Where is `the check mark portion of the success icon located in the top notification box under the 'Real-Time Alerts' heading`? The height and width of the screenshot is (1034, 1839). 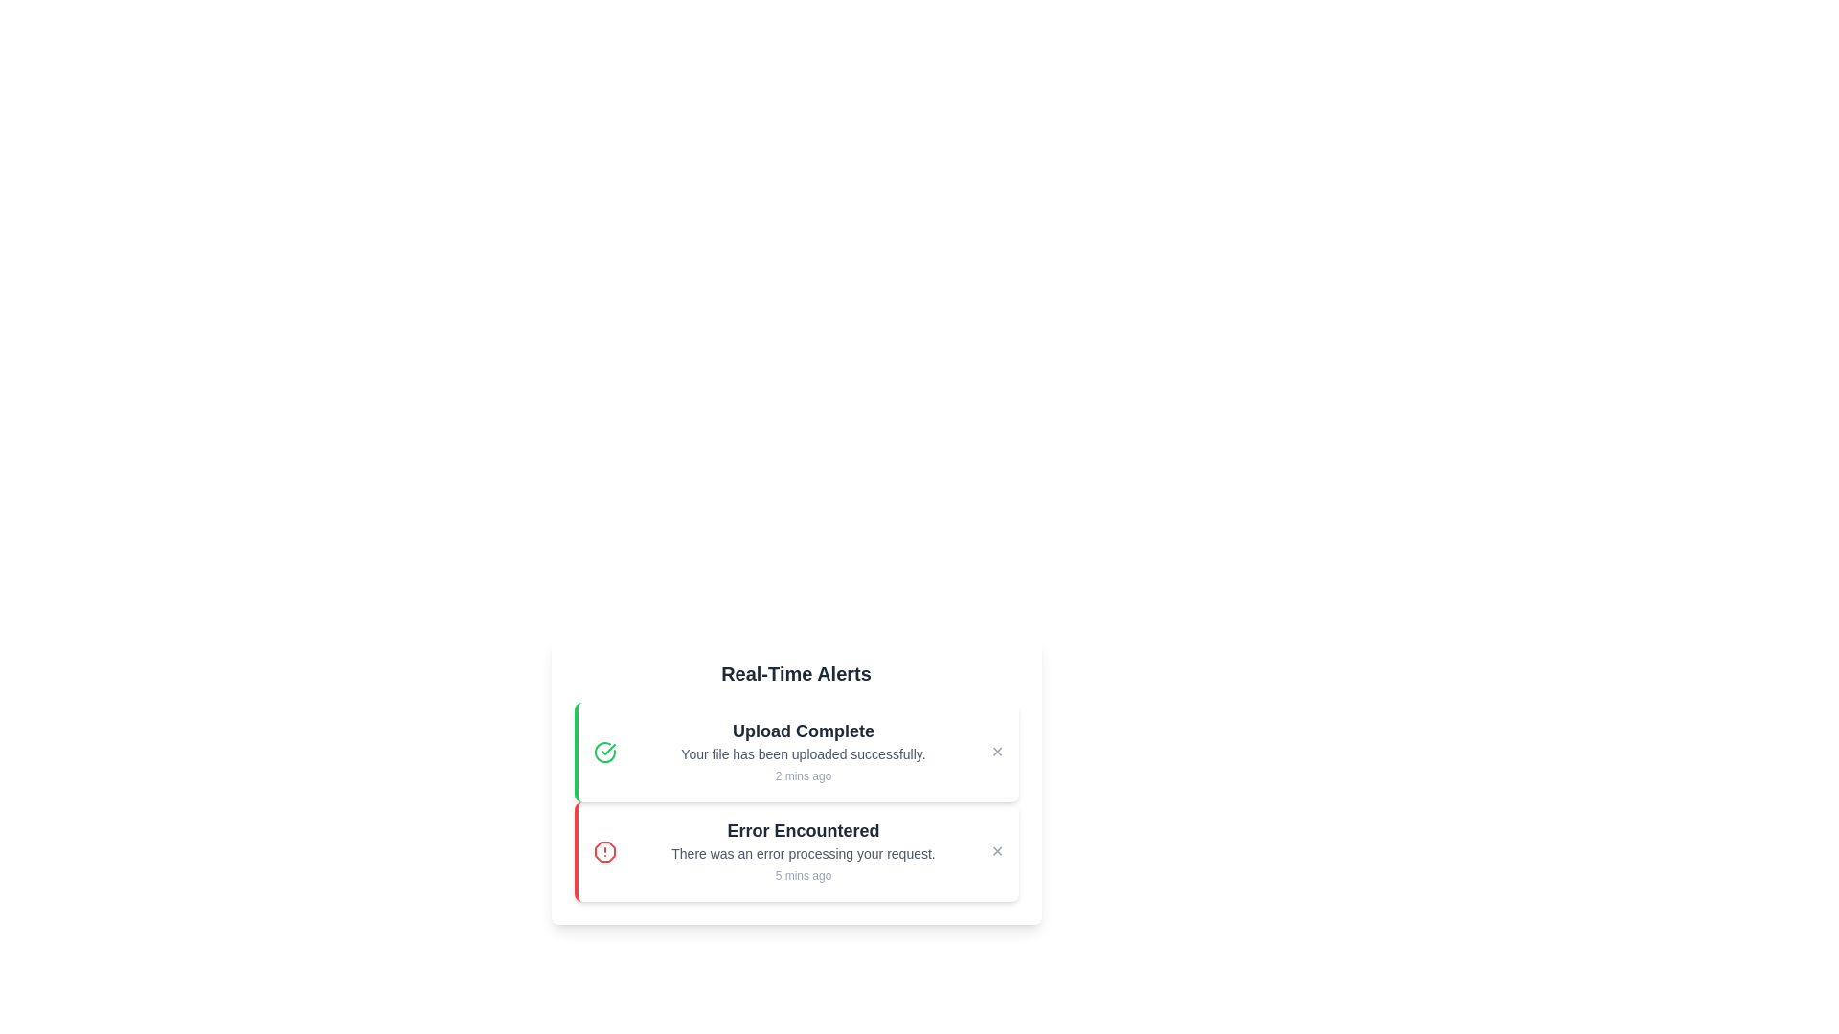
the check mark portion of the success icon located in the top notification box under the 'Real-Time Alerts' heading is located at coordinates (606, 749).